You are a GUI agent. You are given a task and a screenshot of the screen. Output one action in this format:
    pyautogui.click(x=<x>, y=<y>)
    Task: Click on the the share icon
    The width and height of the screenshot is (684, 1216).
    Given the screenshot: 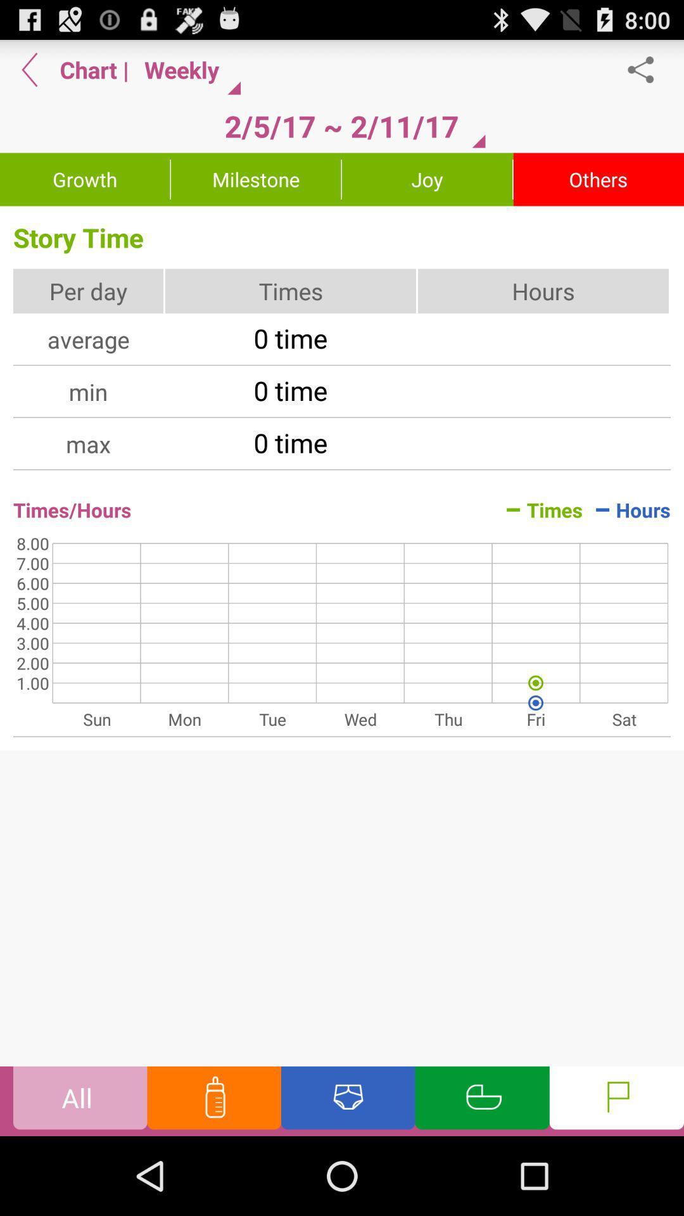 What is the action you would take?
    pyautogui.click(x=647, y=74)
    